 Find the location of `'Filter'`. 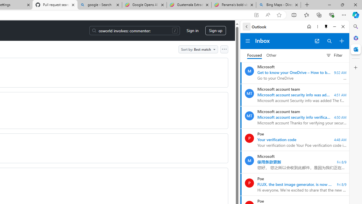

'Filter' is located at coordinates (334, 55).